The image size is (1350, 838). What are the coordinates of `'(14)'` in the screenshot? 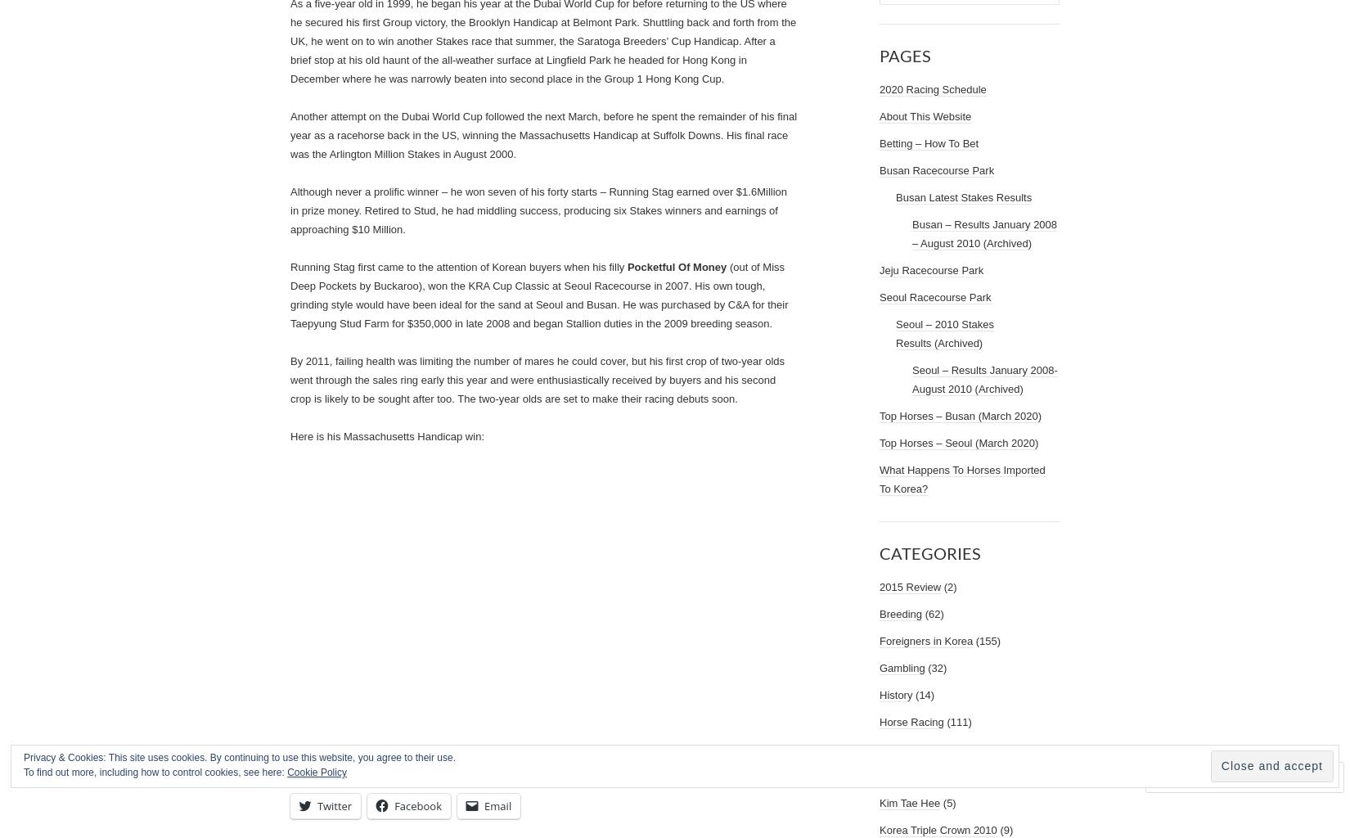 It's located at (923, 694).